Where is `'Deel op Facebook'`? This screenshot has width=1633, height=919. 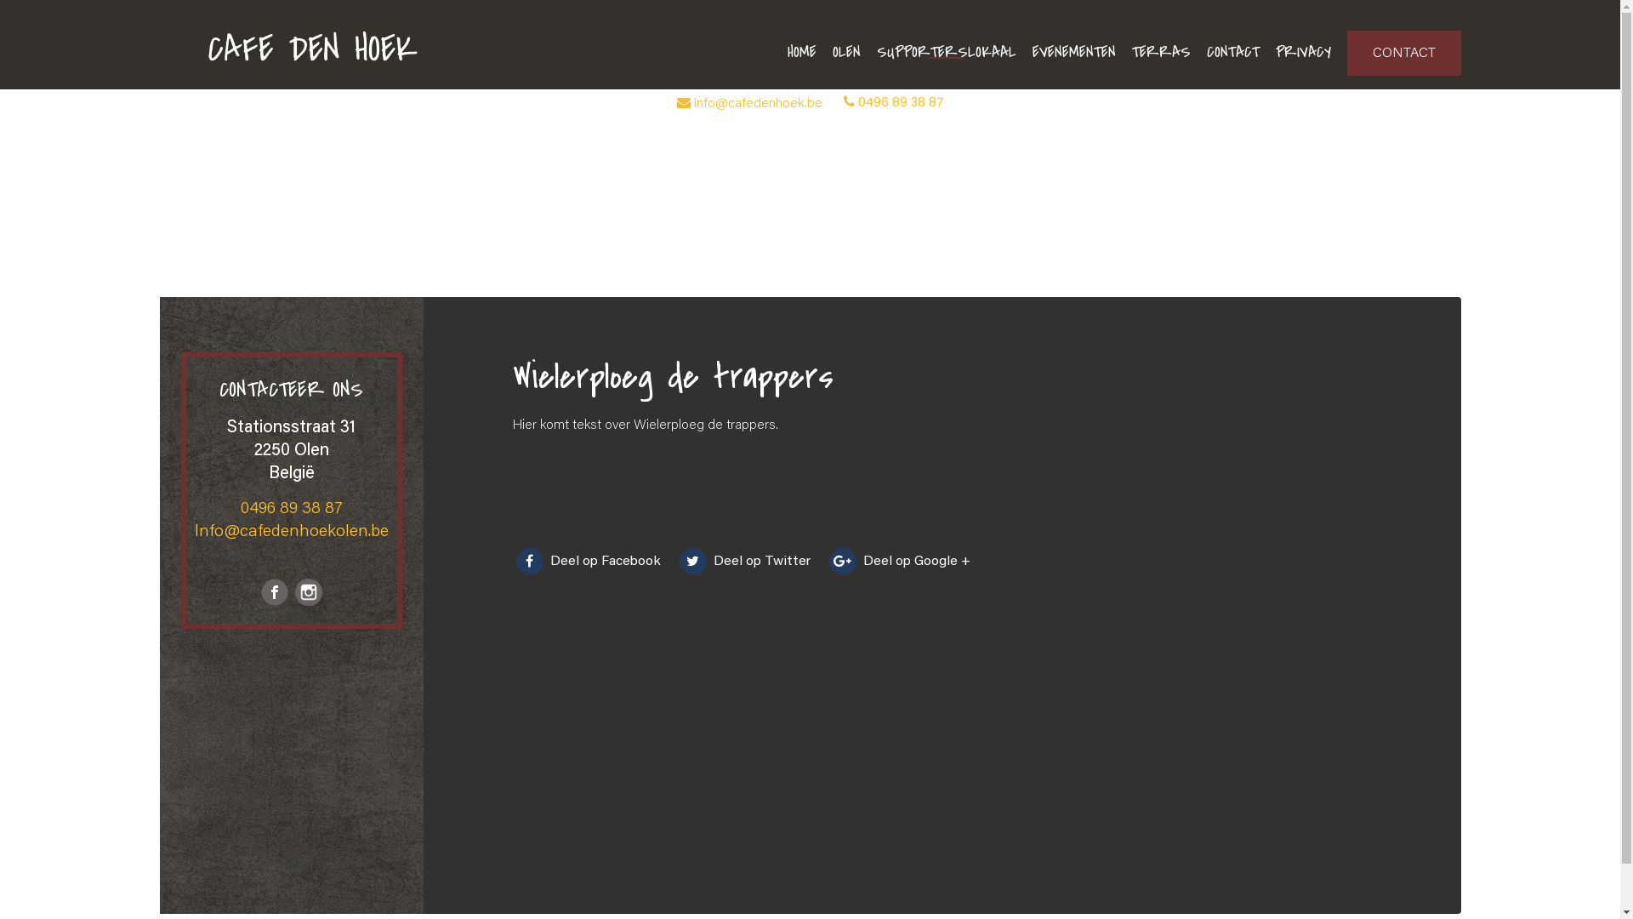
'Deel op Facebook' is located at coordinates (588, 561).